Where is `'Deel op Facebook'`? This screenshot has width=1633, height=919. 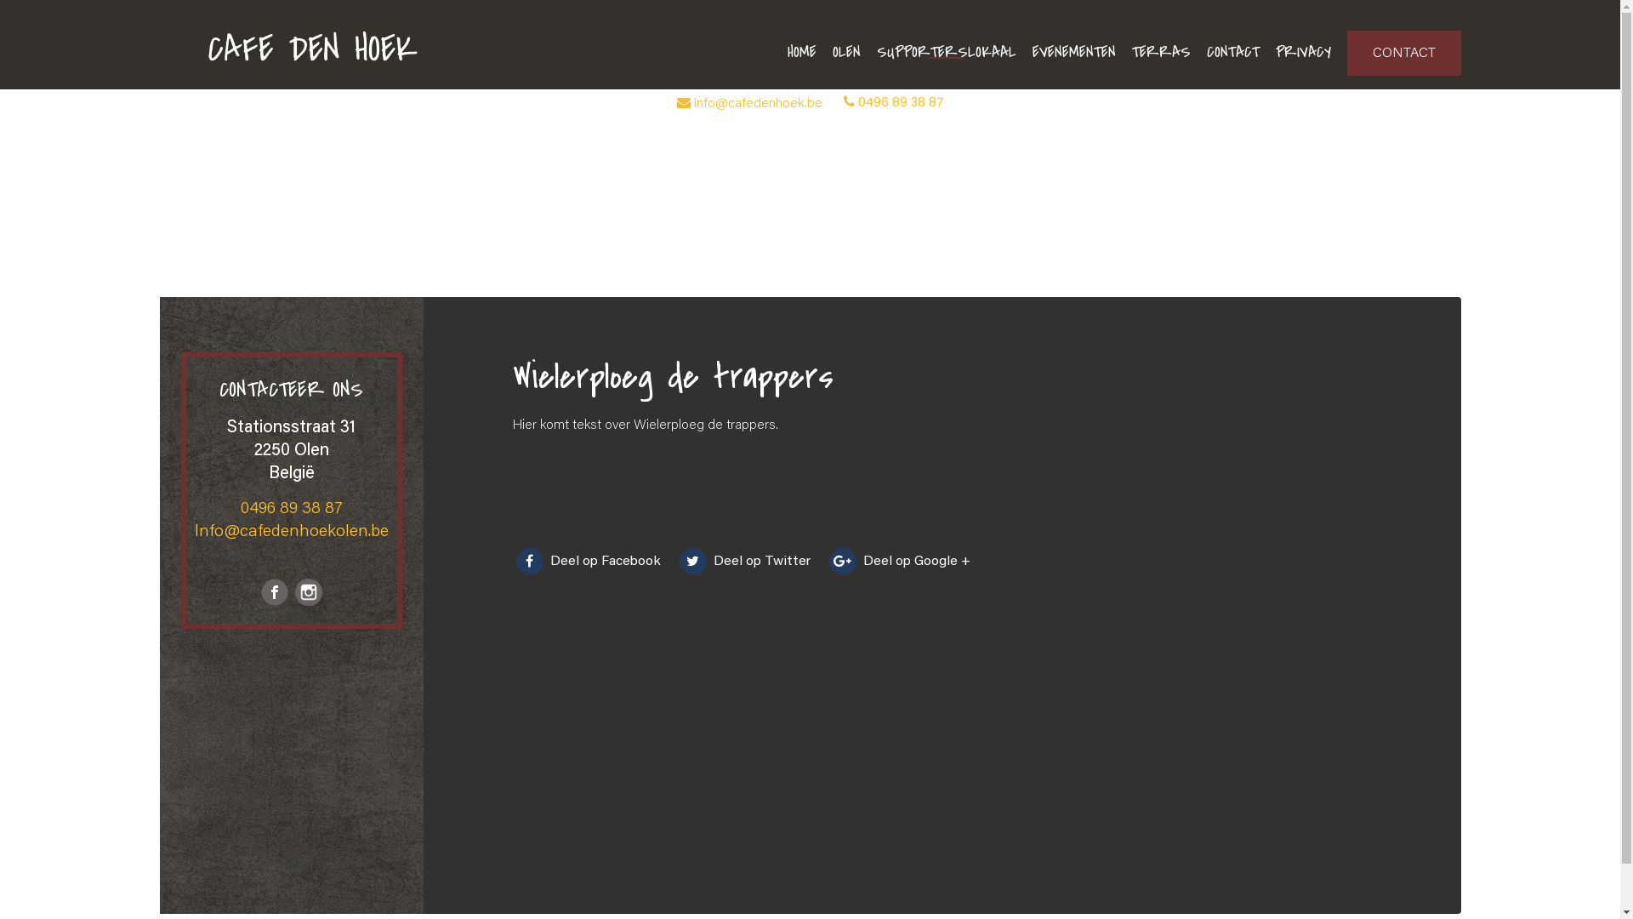
'Deel op Facebook' is located at coordinates (588, 561).